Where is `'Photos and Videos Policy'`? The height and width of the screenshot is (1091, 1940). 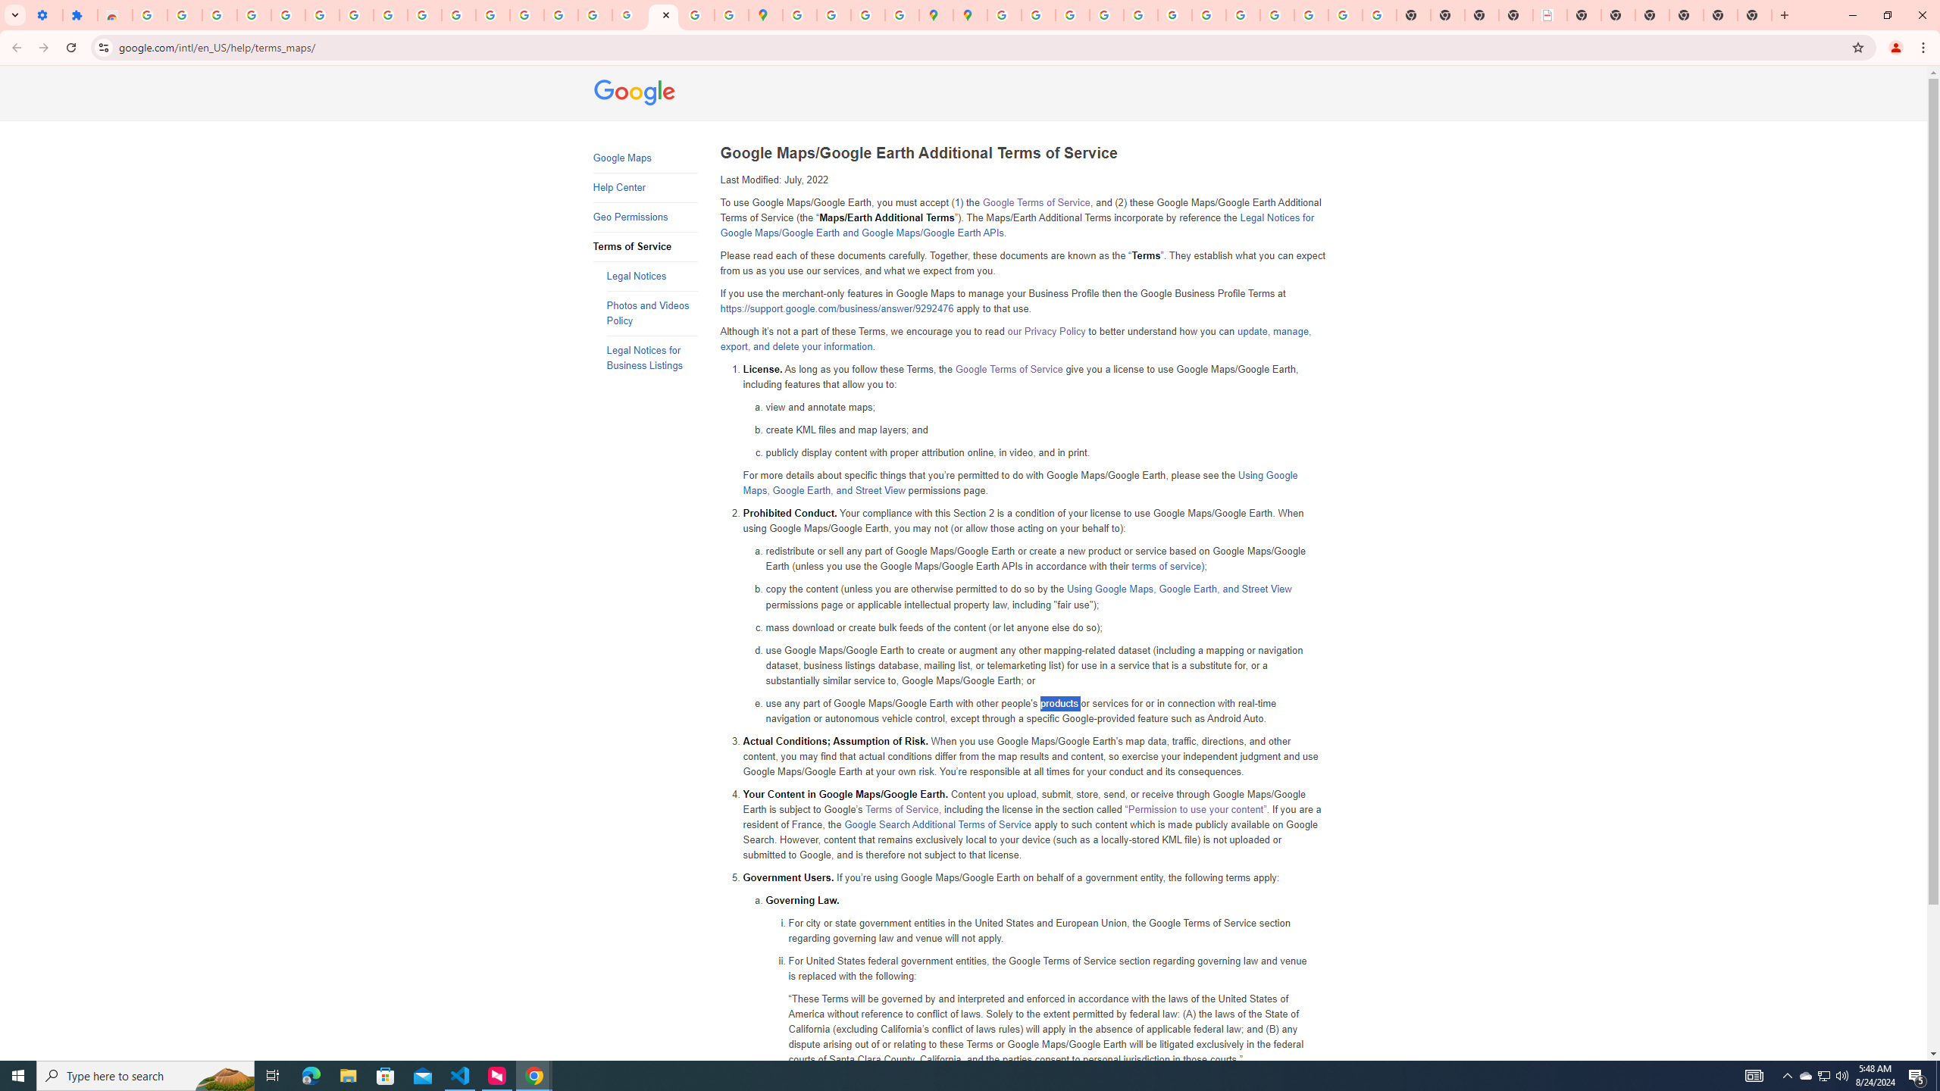 'Photos and Videos Policy' is located at coordinates (652, 313).